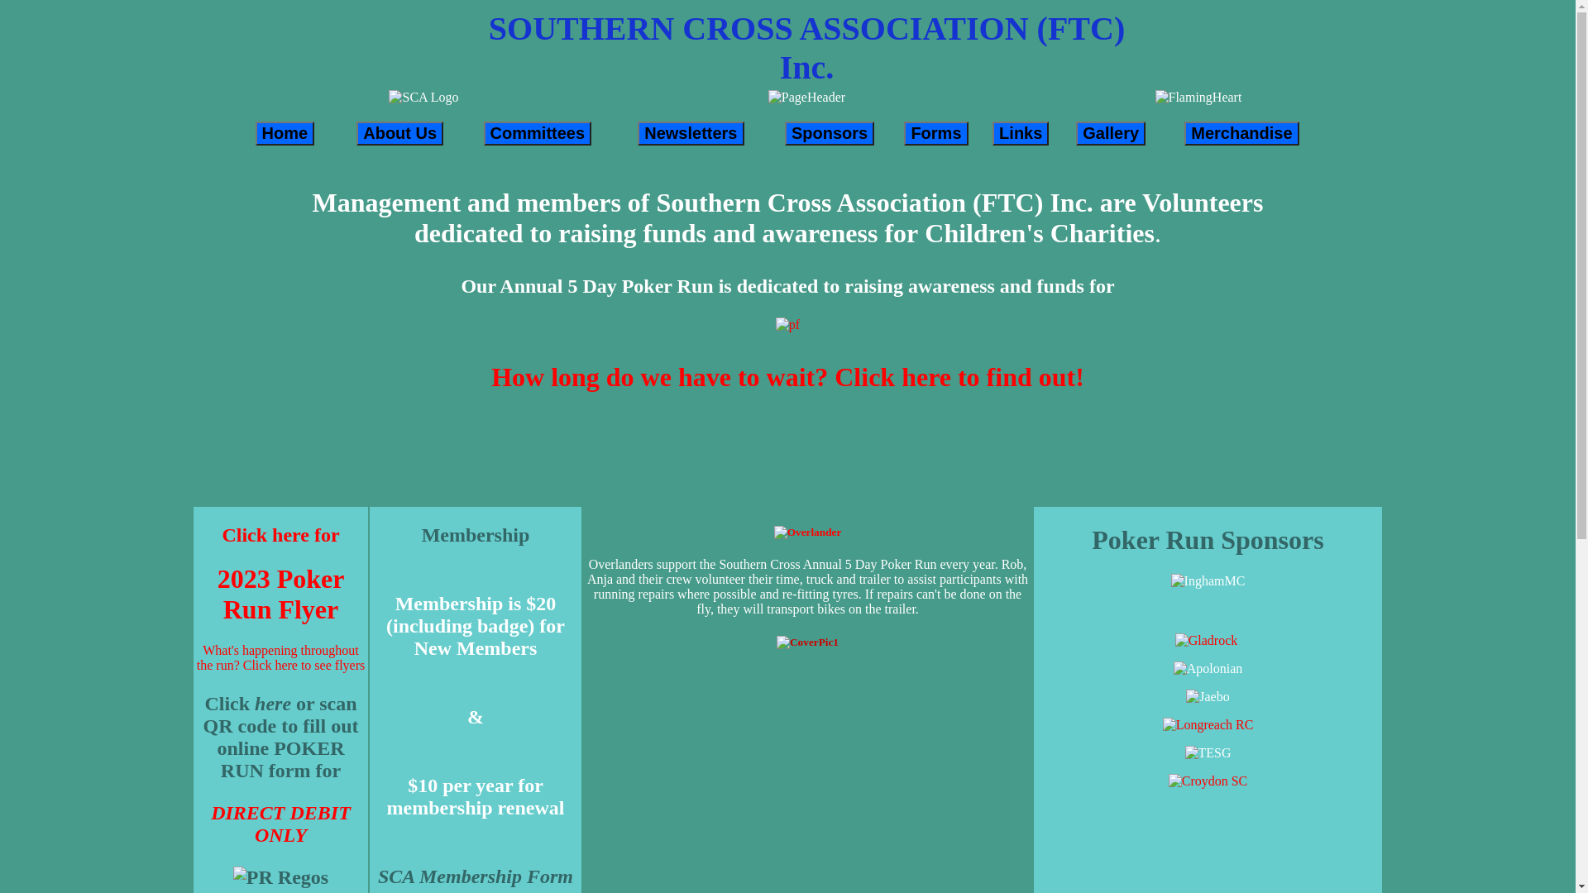  Describe the element at coordinates (249, 704) in the screenshot. I see `'here'` at that location.